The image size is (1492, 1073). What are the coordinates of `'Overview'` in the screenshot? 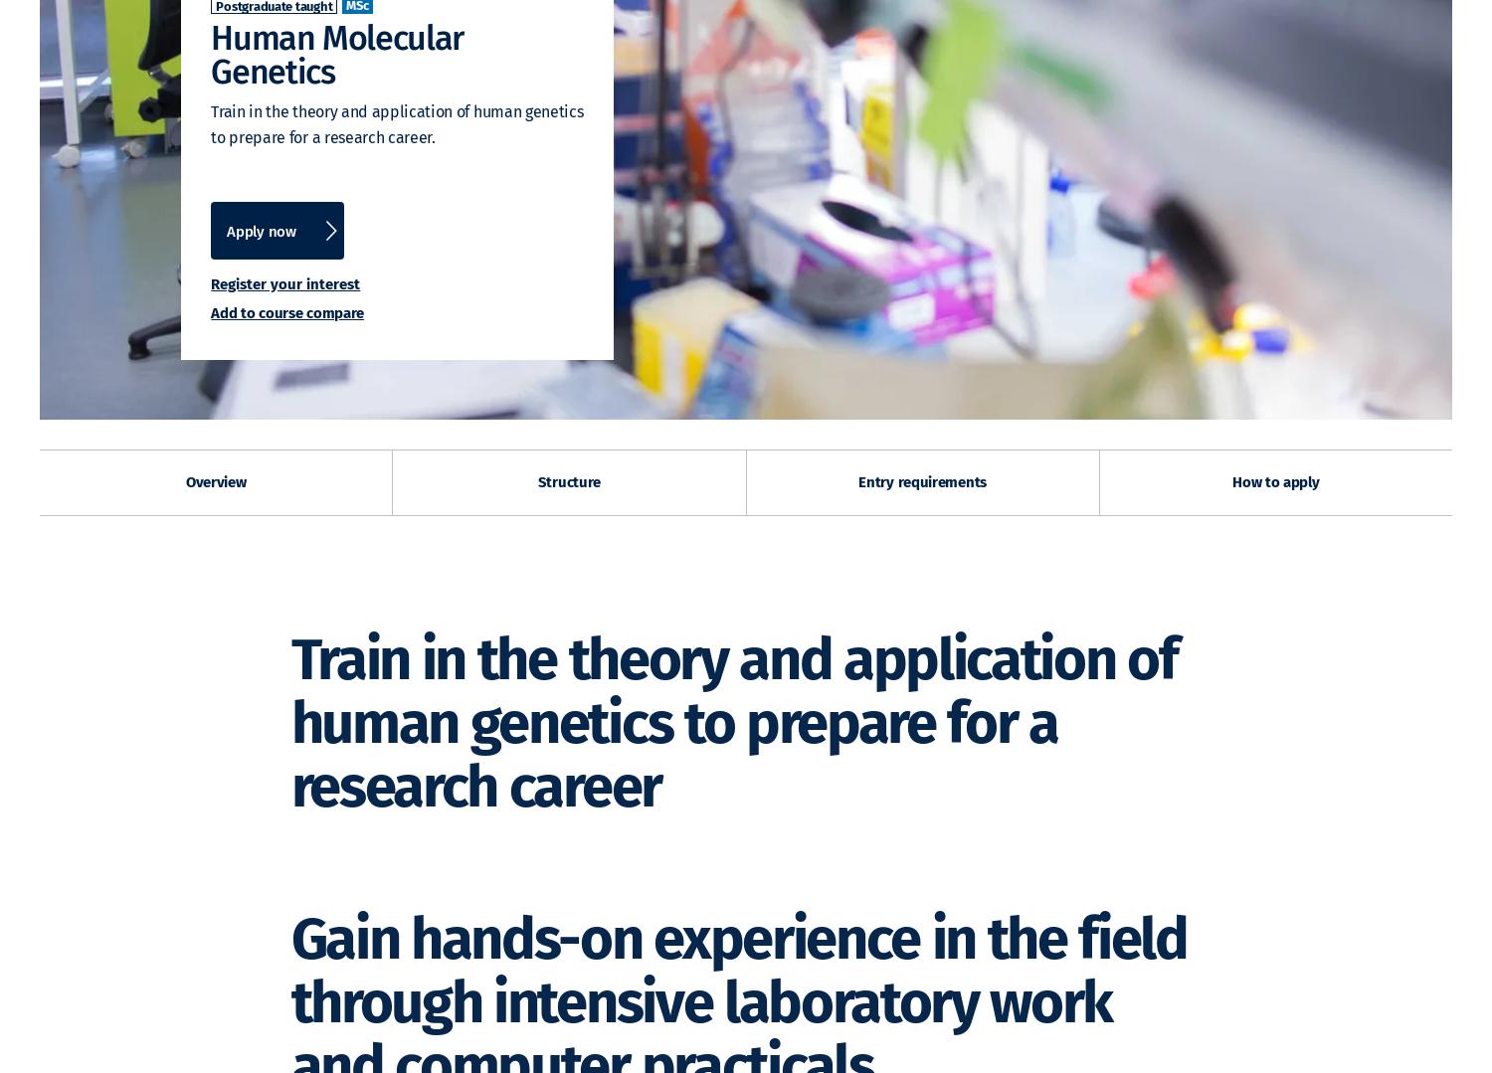 It's located at (214, 481).